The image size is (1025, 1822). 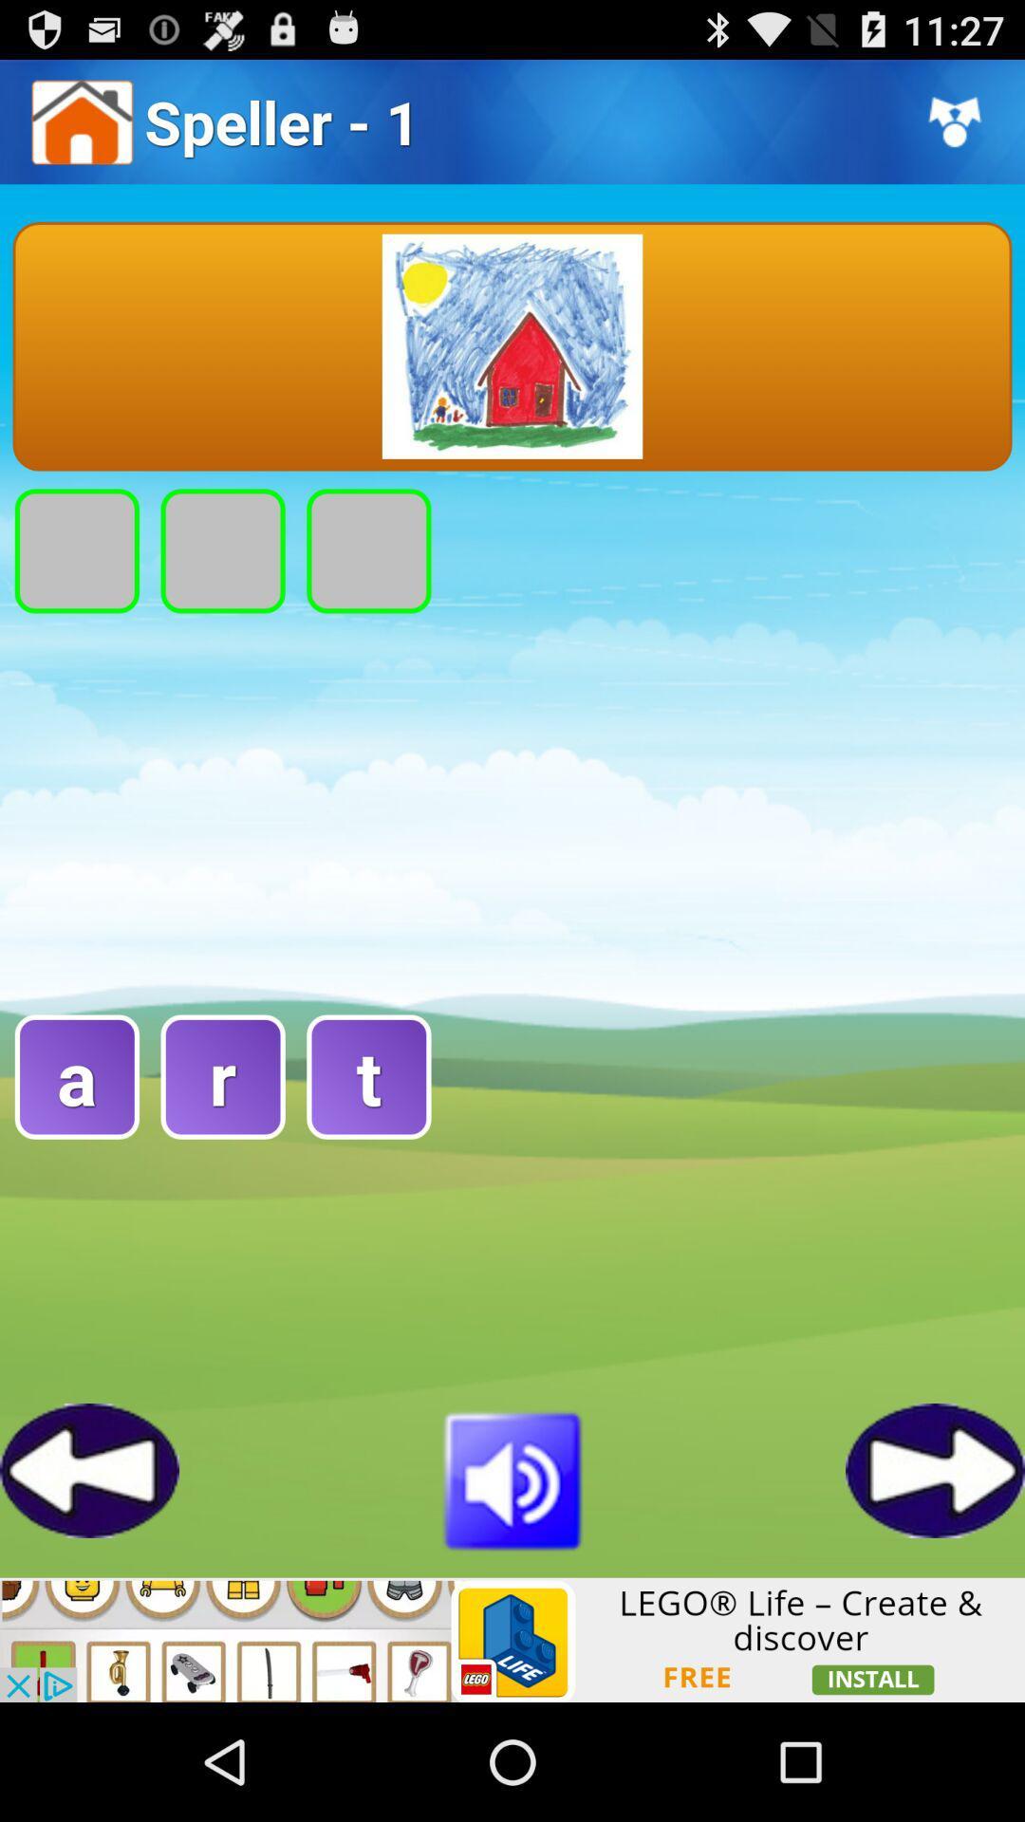 What do you see at coordinates (934, 1470) in the screenshot?
I see `the arrow on bottom right` at bounding box center [934, 1470].